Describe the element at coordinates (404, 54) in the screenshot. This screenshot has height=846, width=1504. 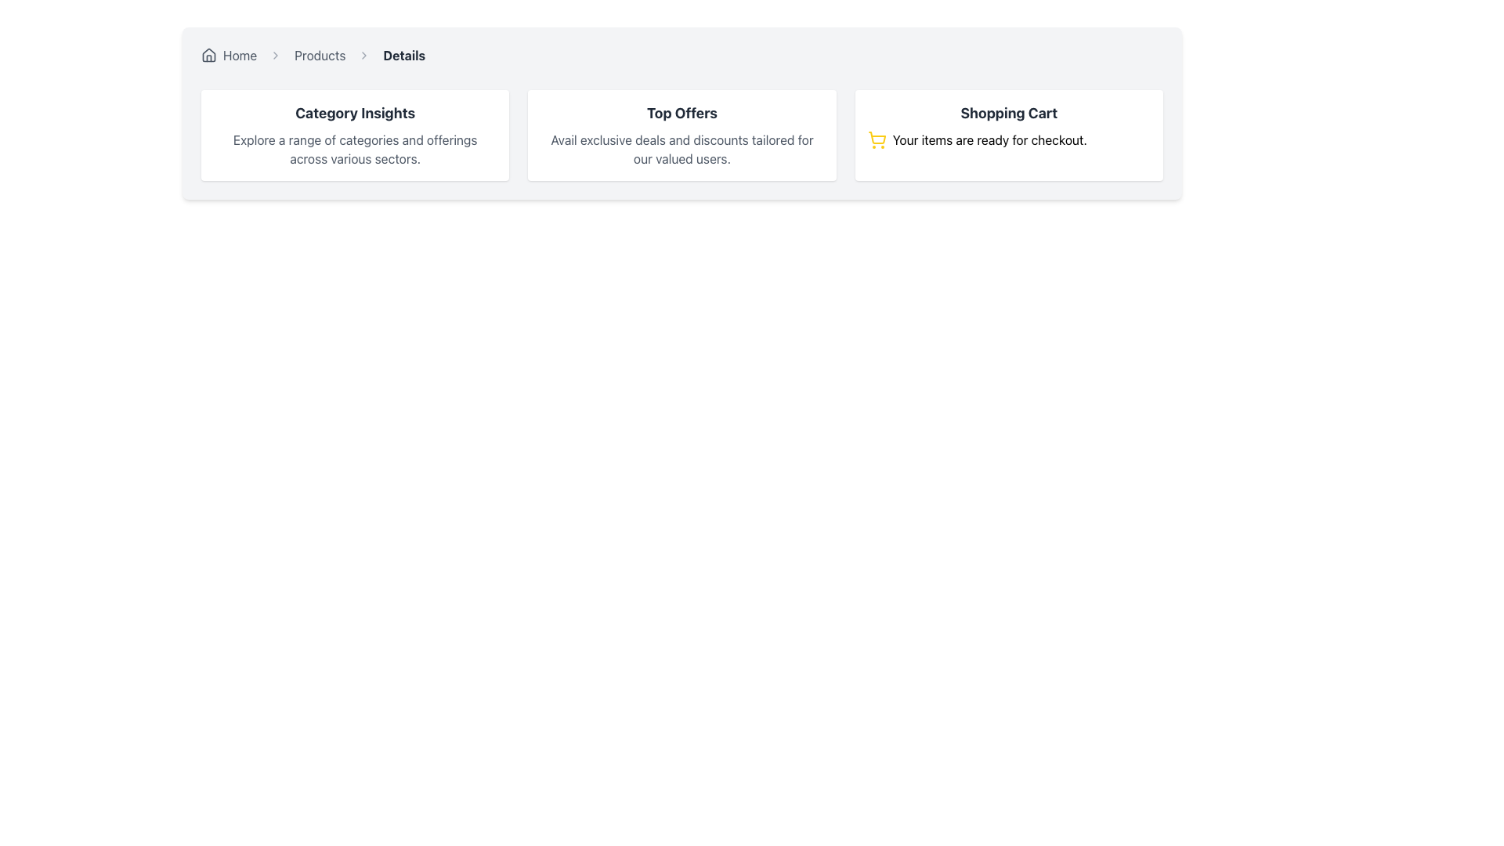
I see `static text label displaying 'Details', which is the last item in the breadcrumb navigation bar located near the top-center of the interface` at that location.